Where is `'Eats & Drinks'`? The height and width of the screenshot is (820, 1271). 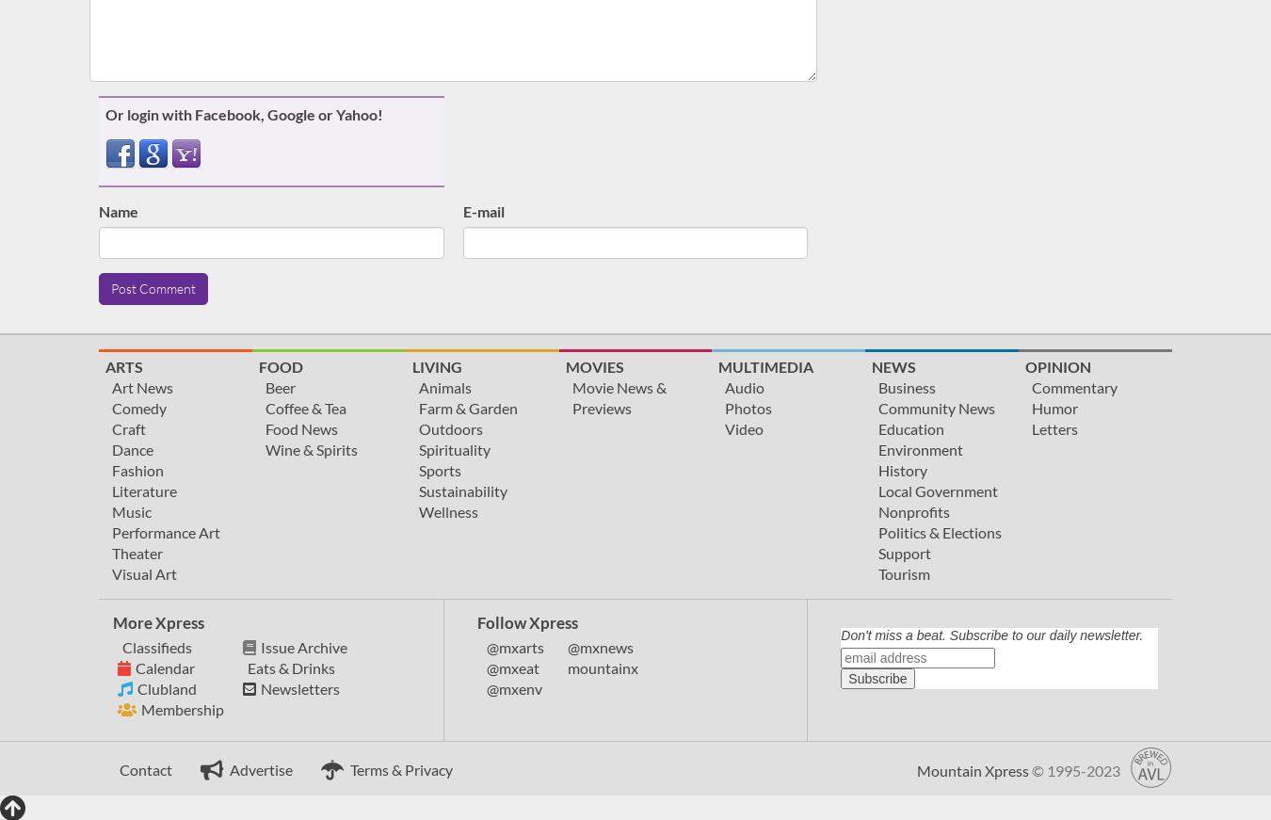 'Eats & Drinks' is located at coordinates (246, 666).